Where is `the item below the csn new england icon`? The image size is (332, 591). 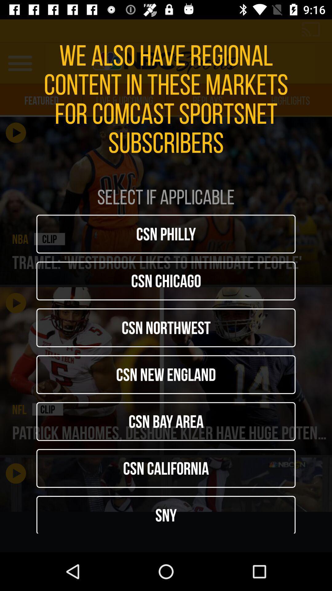
the item below the csn new england icon is located at coordinates (166, 421).